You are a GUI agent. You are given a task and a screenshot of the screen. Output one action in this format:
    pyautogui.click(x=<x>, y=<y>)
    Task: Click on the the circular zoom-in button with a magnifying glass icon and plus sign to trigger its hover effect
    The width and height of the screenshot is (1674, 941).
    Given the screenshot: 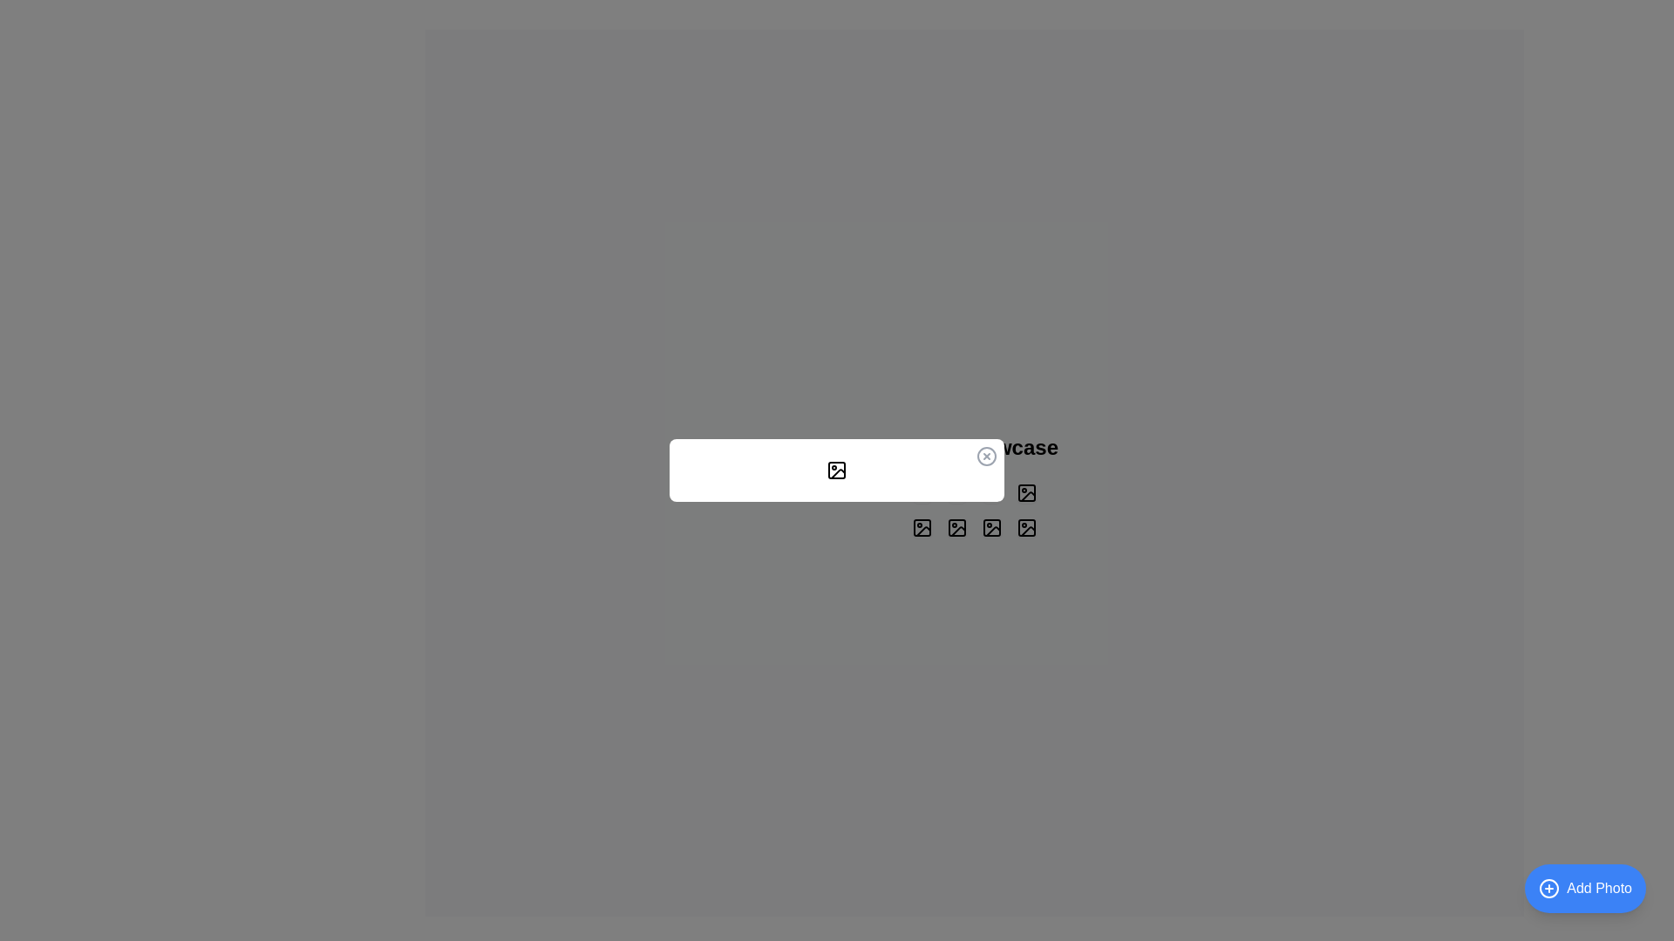 What is the action you would take?
    pyautogui.click(x=956, y=493)
    